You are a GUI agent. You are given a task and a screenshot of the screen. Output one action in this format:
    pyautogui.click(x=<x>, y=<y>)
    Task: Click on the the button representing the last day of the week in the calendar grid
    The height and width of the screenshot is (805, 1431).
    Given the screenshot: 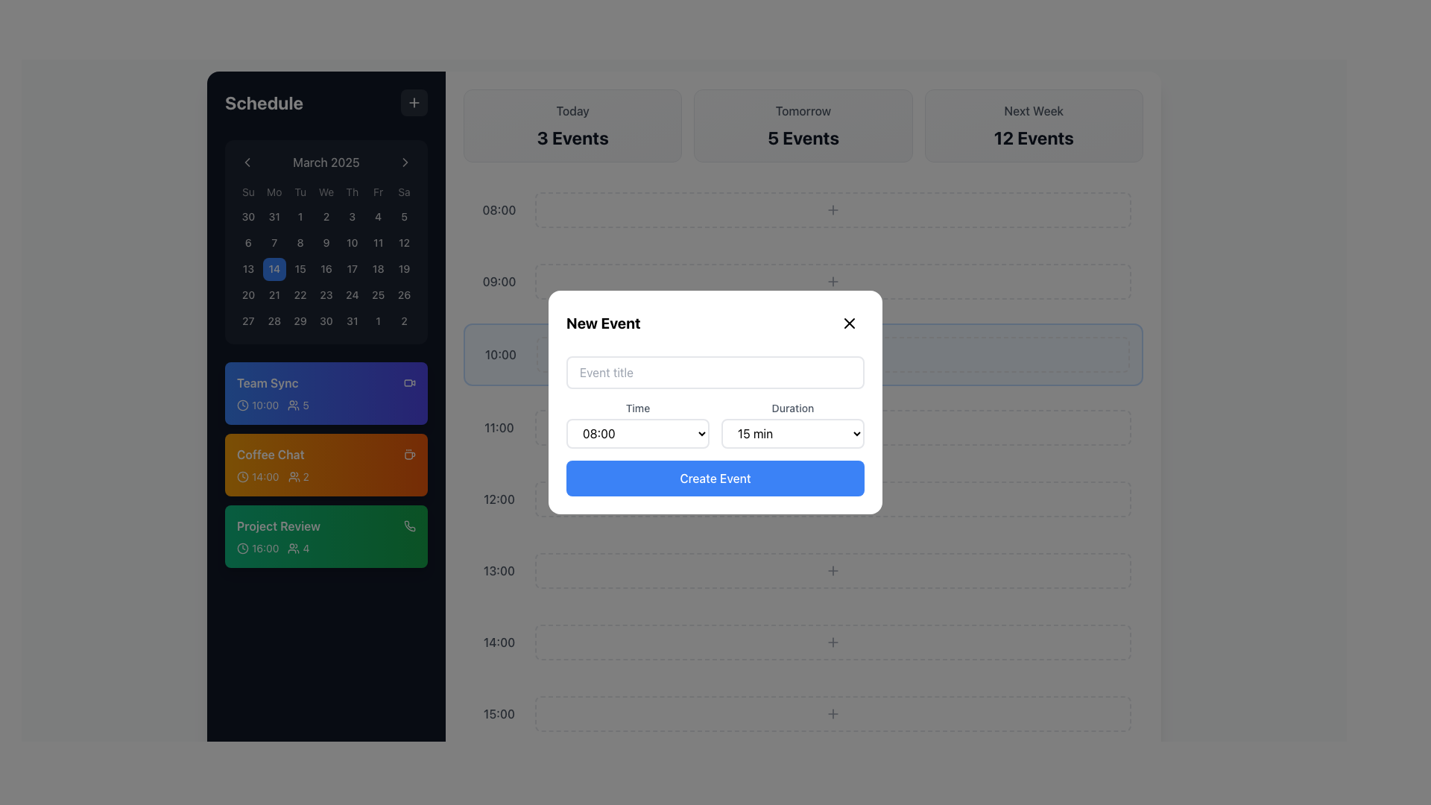 What is the action you would take?
    pyautogui.click(x=248, y=320)
    